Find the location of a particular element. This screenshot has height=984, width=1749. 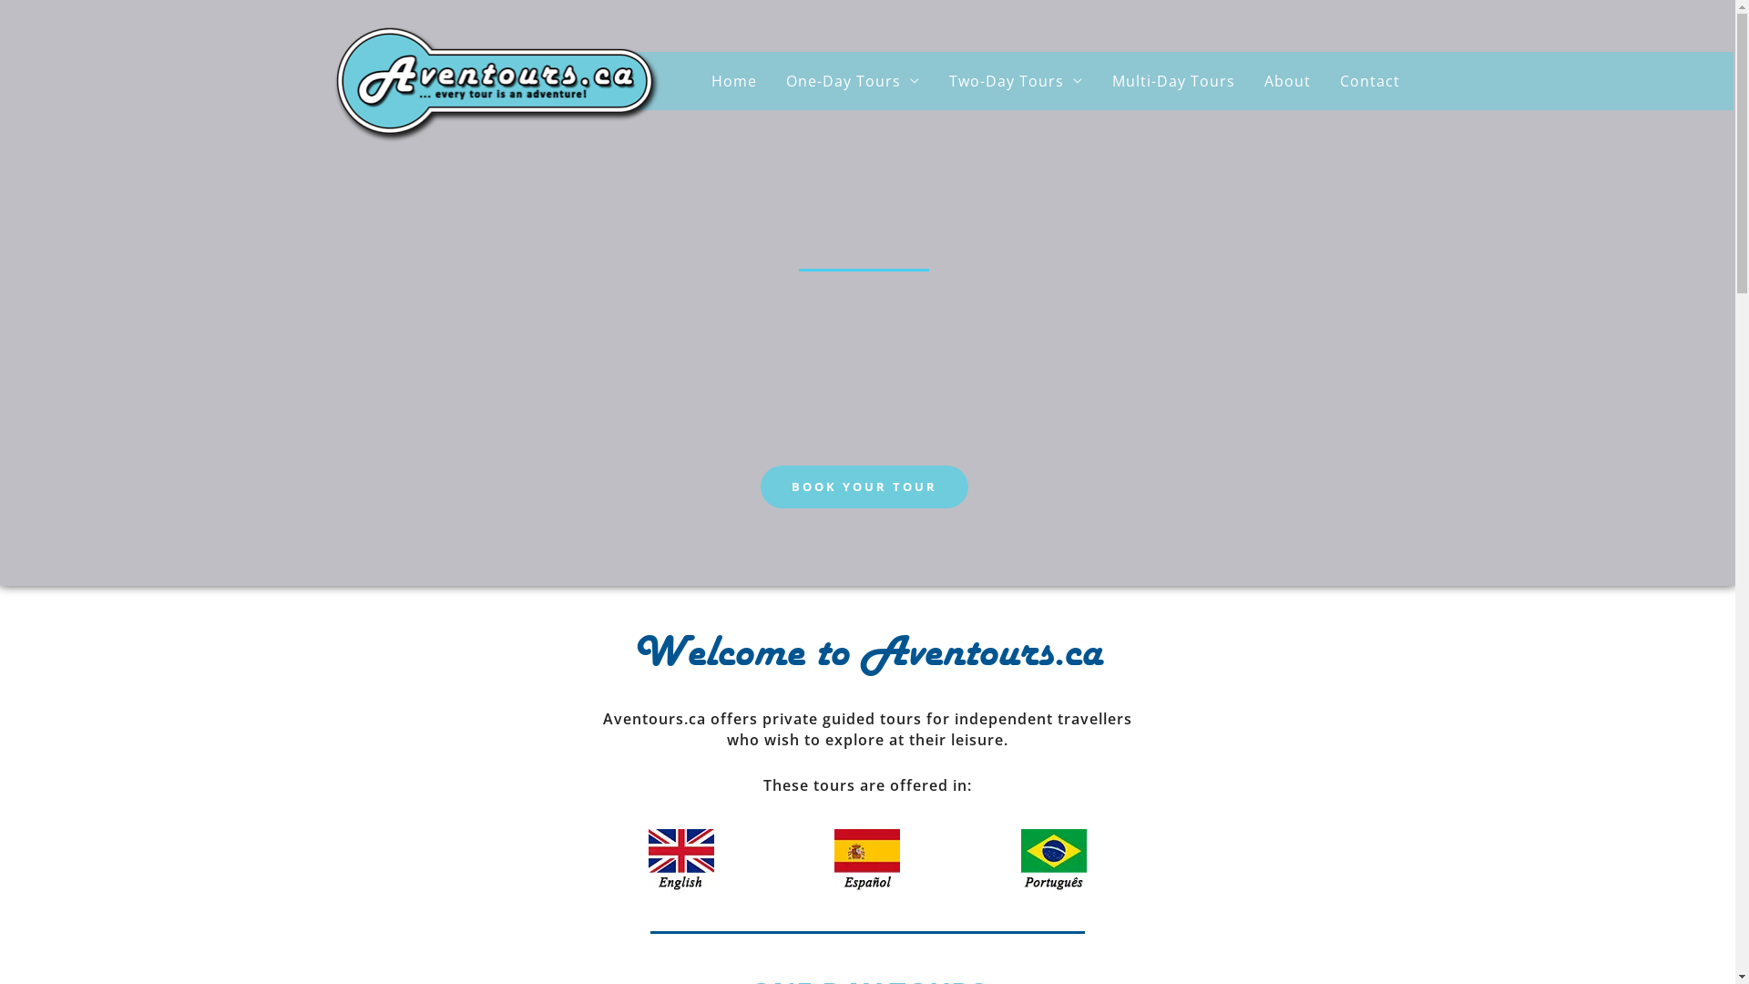

'One-Day Tours' is located at coordinates (770, 79).